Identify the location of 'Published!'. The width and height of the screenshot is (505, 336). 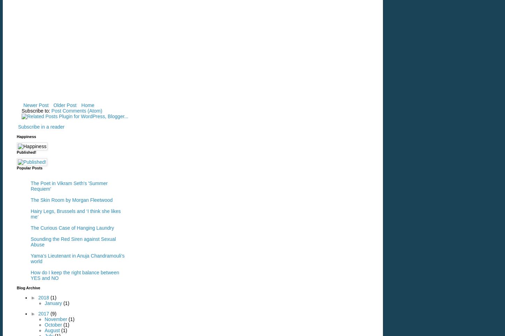
(27, 152).